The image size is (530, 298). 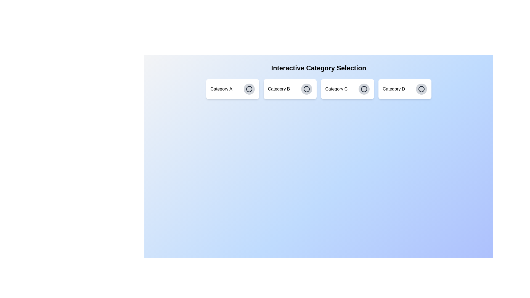 I want to click on the header text 'Interactive Category Selection' to inspect it, so click(x=319, y=68).